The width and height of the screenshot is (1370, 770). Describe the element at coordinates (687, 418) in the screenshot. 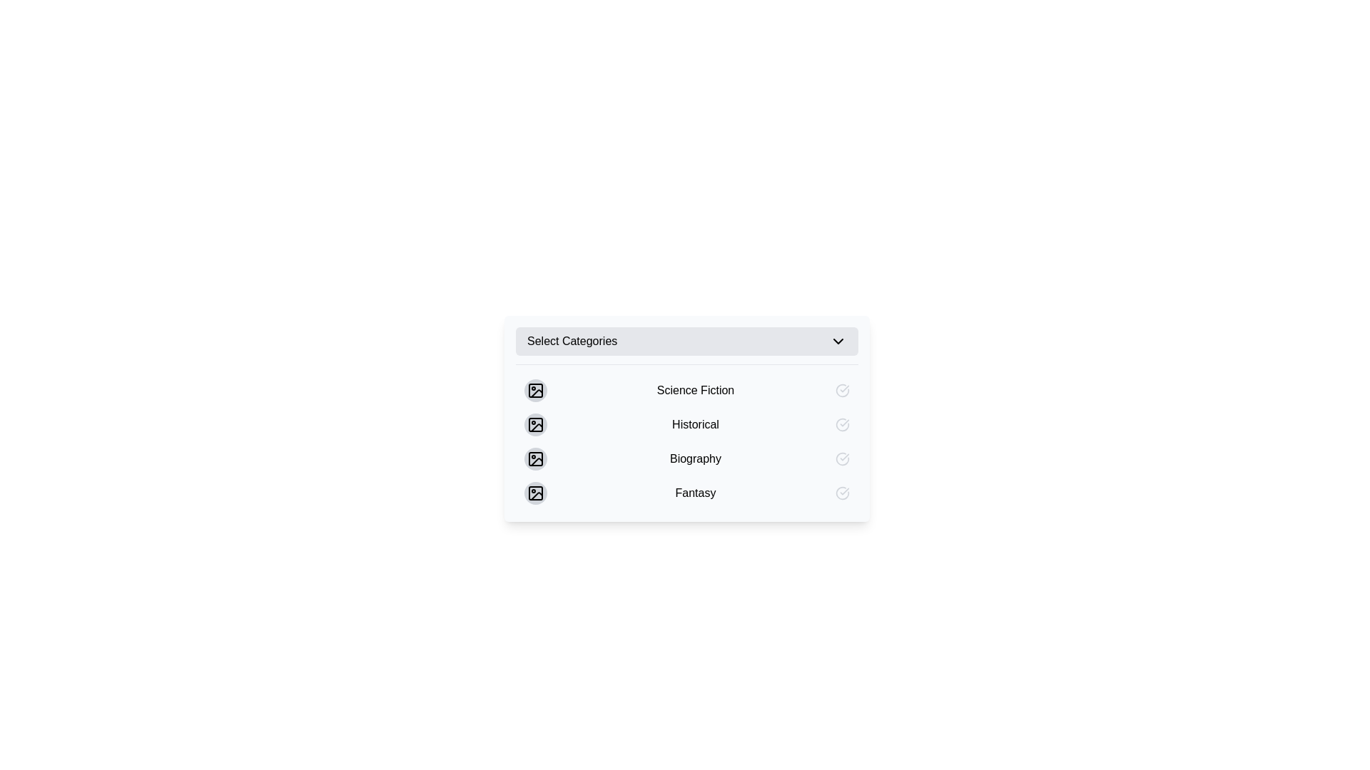

I see `the 'Historical' text label in the dropdown menu to trigger a visual response` at that location.